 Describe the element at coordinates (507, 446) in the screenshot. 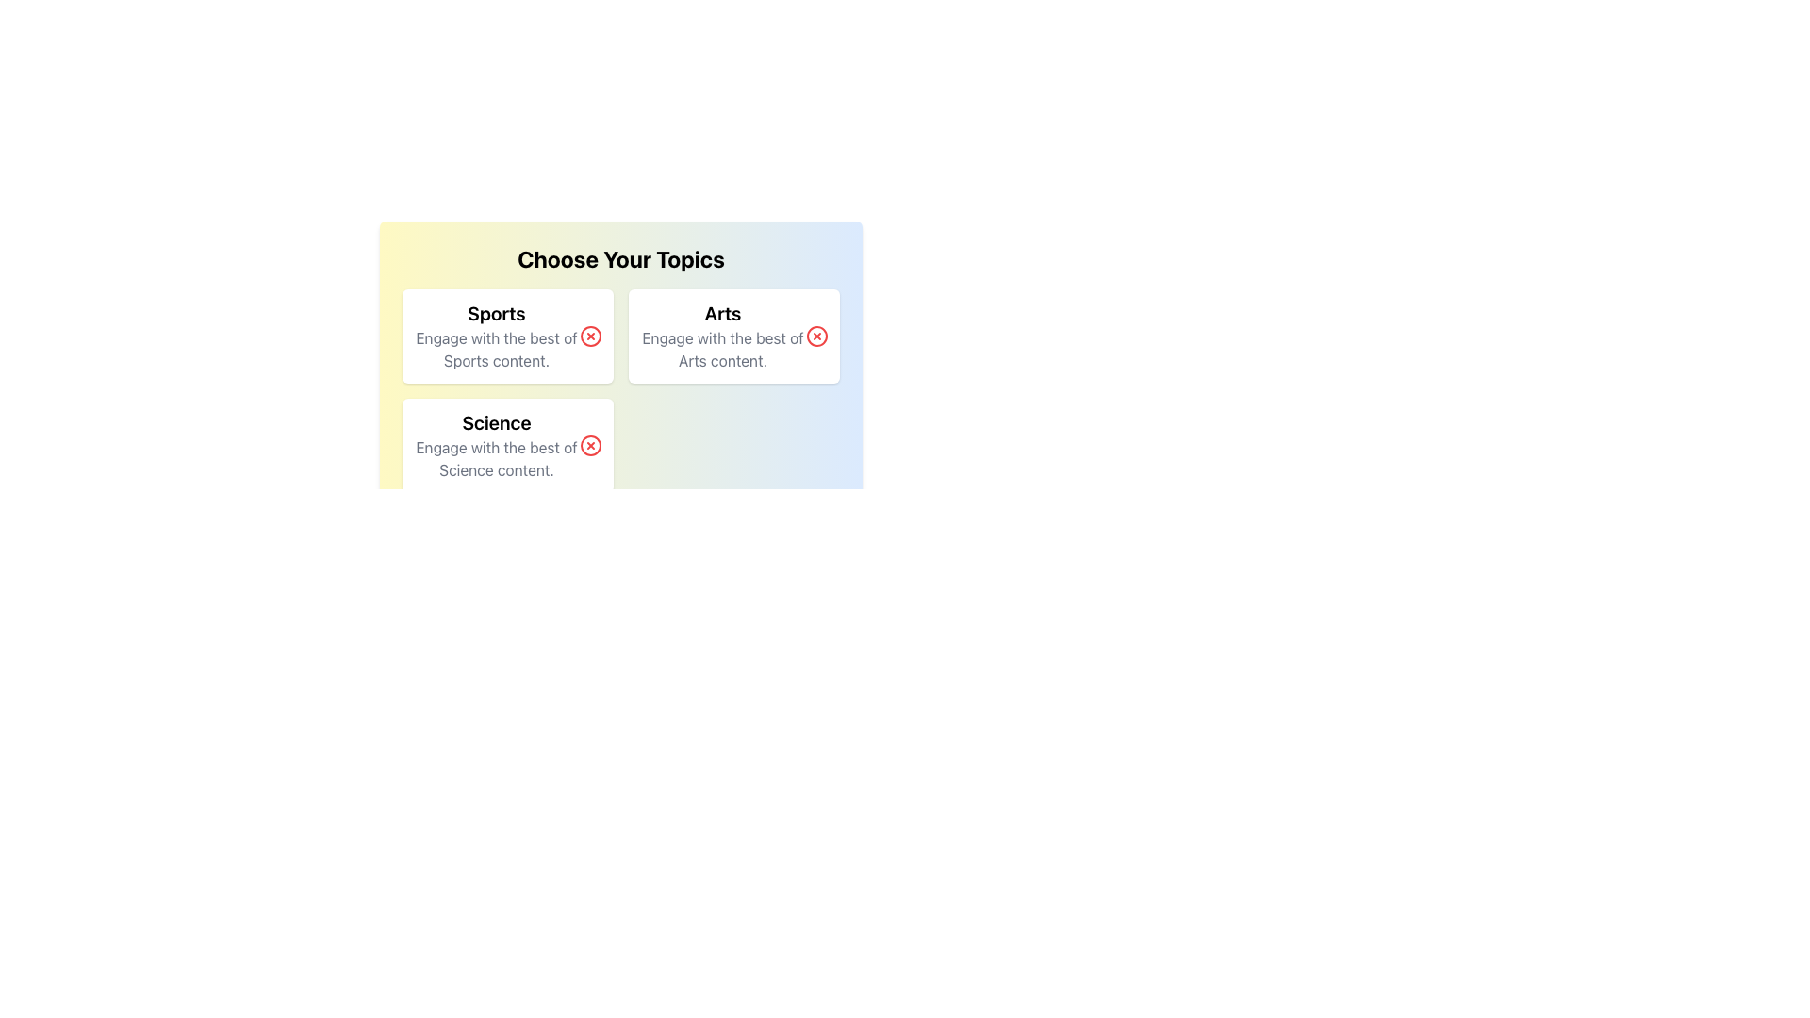

I see `the 'Science' category button to focus it, which is located in the bottom-left corner of the button grid, positioned below 'Sports' and next to 'Arts'` at that location.